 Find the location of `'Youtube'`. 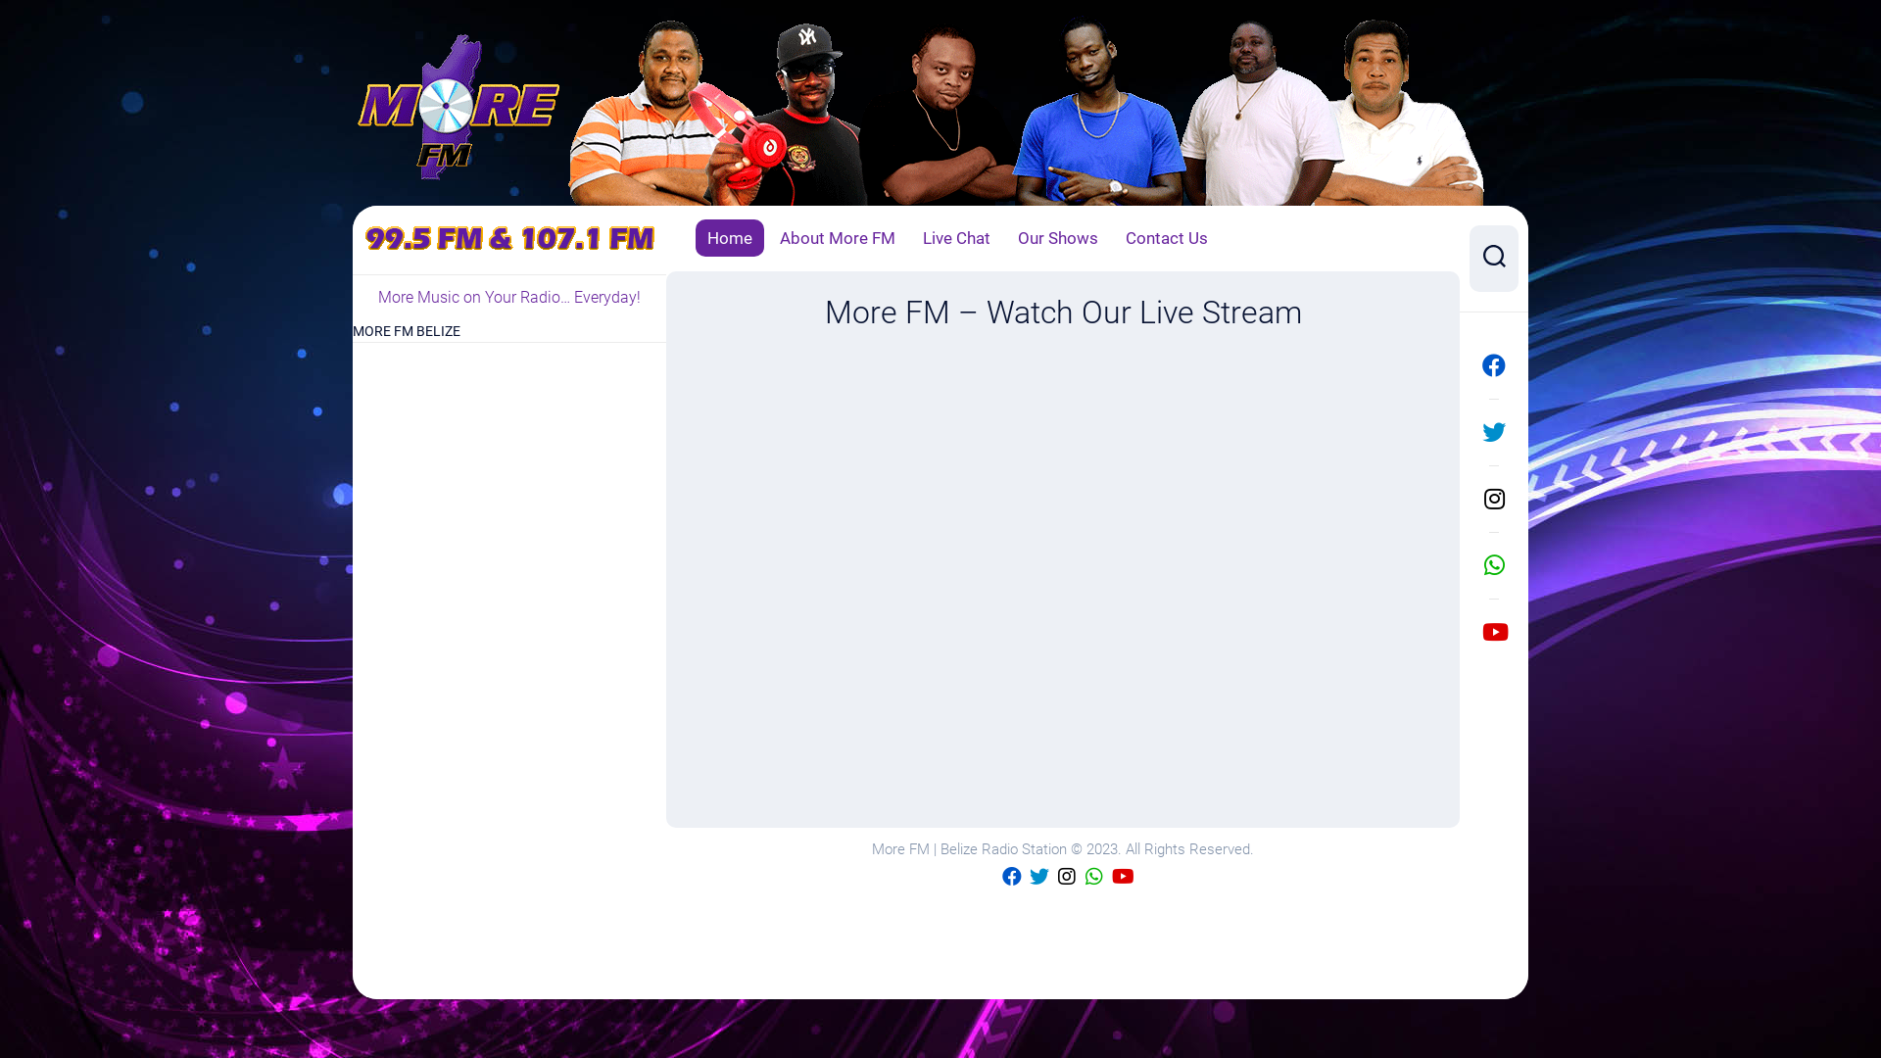

'Youtube' is located at coordinates (1493, 631).